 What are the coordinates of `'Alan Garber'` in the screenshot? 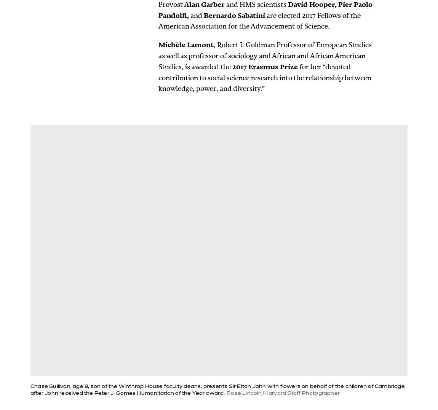 It's located at (205, 3).